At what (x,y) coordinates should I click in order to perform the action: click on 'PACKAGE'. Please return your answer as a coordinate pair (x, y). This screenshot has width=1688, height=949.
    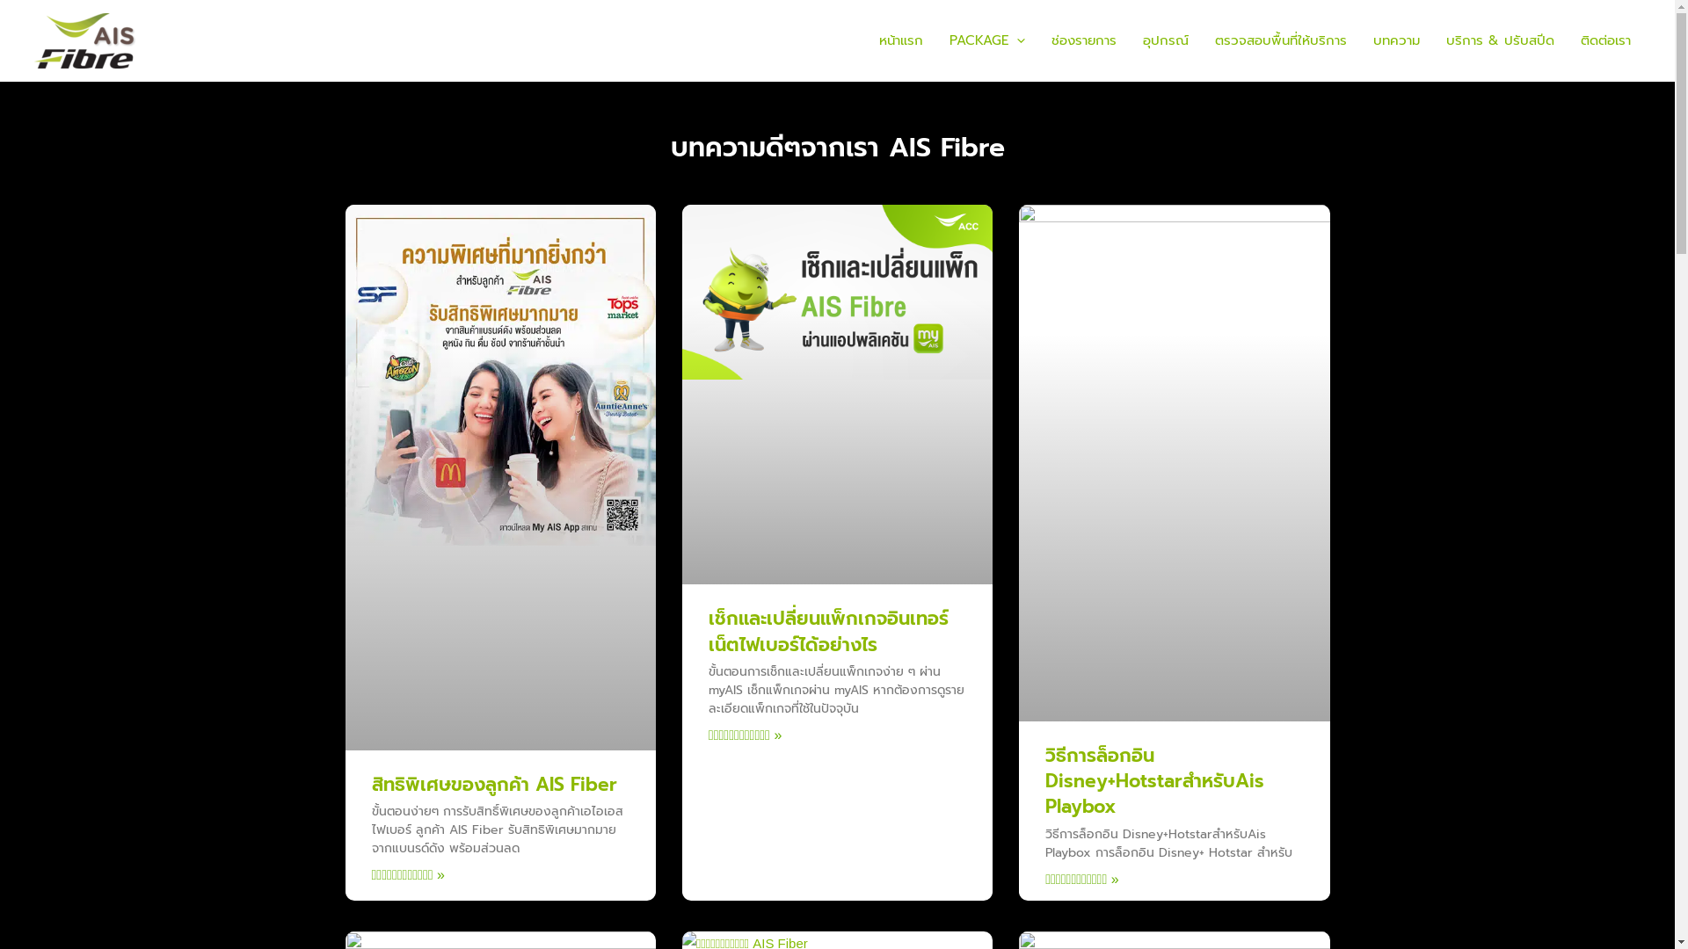
    Looking at the image, I should click on (935, 40).